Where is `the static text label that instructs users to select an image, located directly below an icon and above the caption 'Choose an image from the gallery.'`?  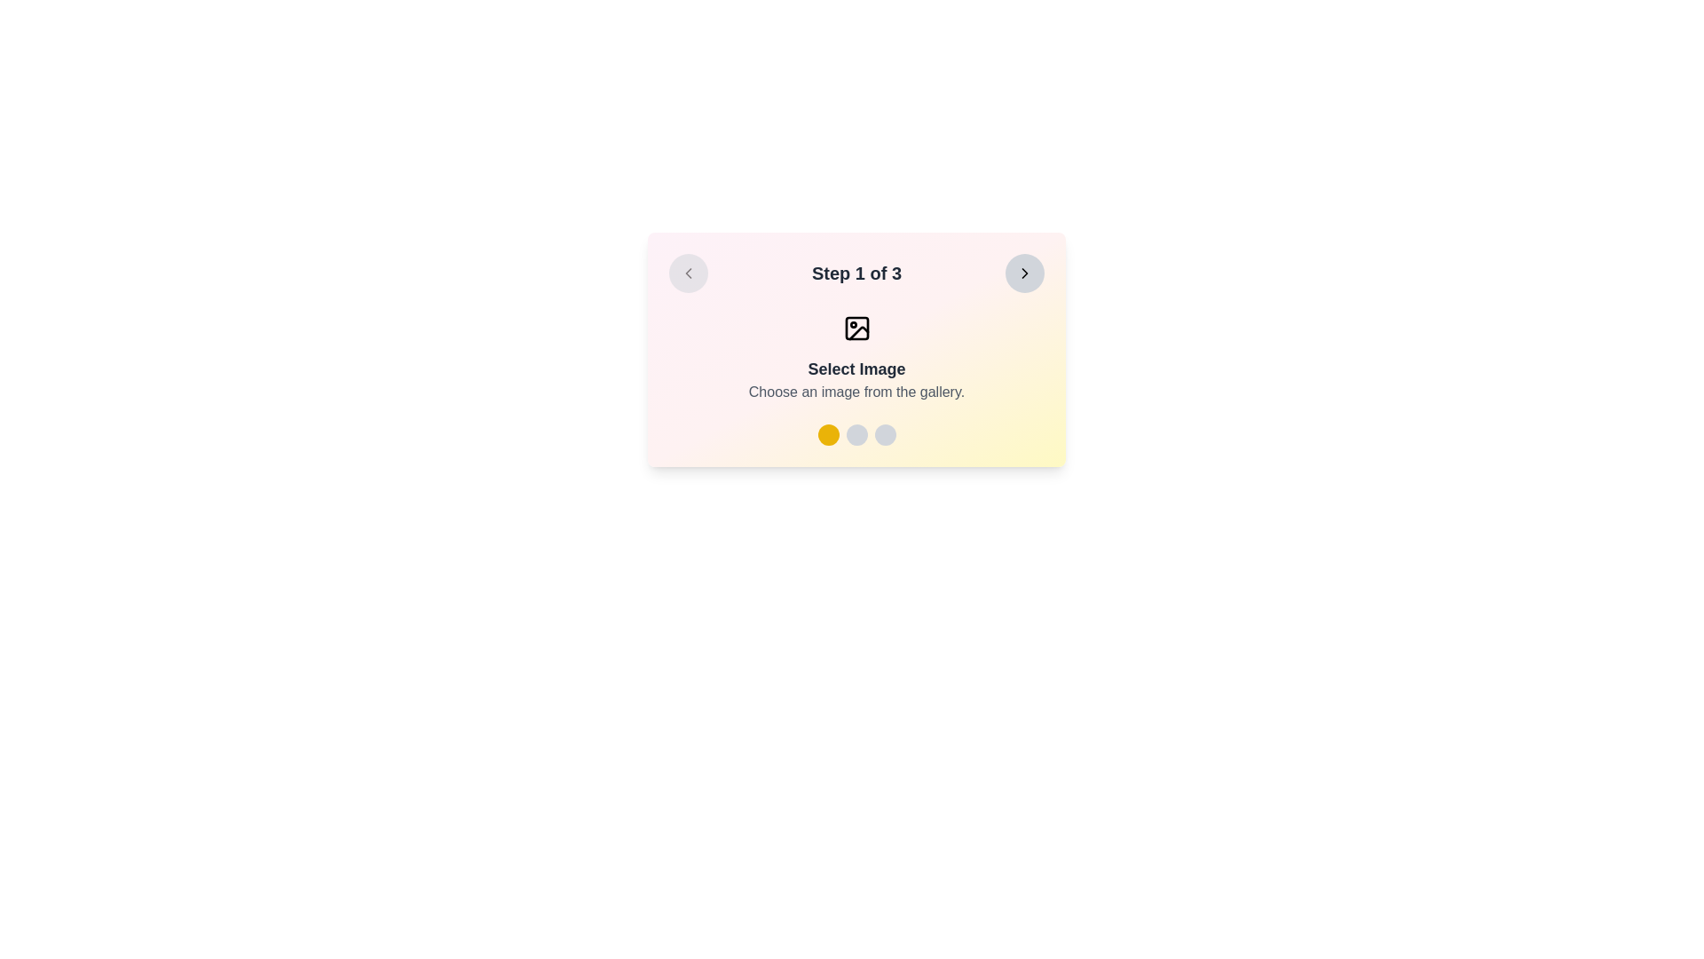 the static text label that instructs users to select an image, located directly below an icon and above the caption 'Choose an image from the gallery.' is located at coordinates (856, 369).